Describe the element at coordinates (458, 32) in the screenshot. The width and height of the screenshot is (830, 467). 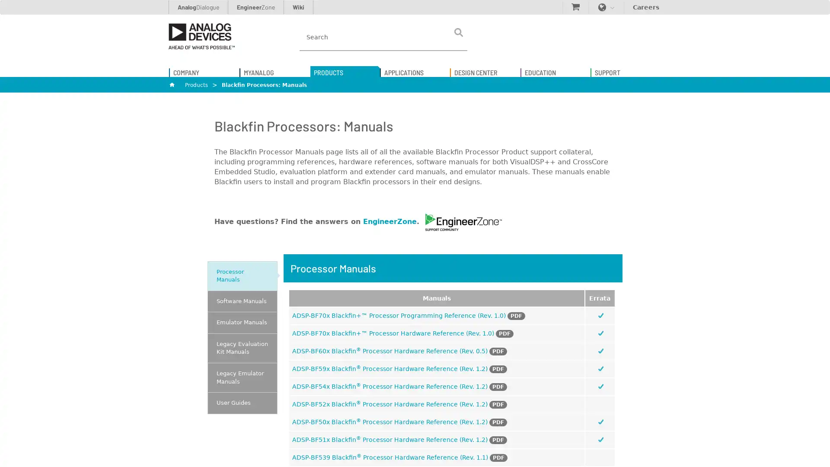
I see `Search` at that location.